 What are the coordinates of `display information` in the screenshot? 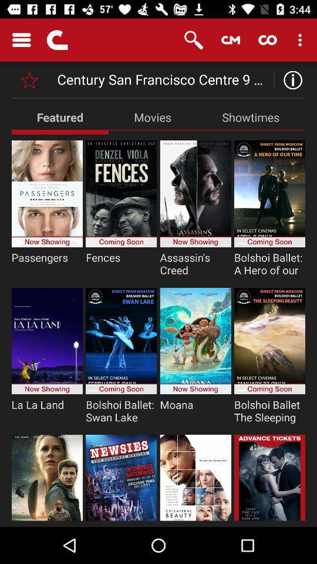 It's located at (289, 79).